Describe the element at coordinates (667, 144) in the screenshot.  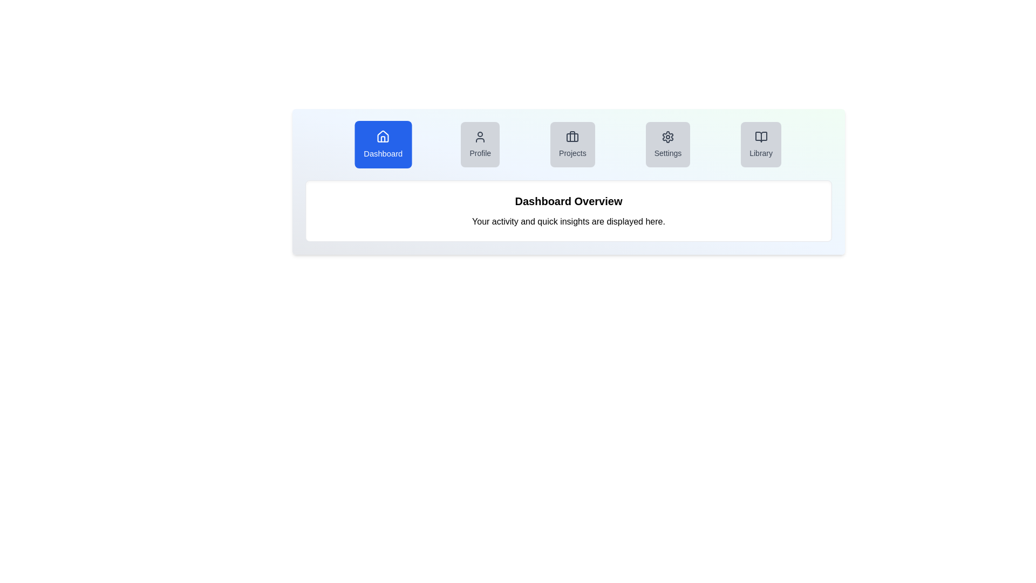
I see `the settings button located in the main navigation bar, which is the fourth button among 'Dashboard', 'Profile', 'Projects', and 'Library'` at that location.